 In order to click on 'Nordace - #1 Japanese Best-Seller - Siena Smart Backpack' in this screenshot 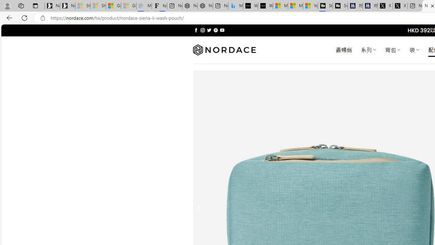, I will do `click(205, 6)`.